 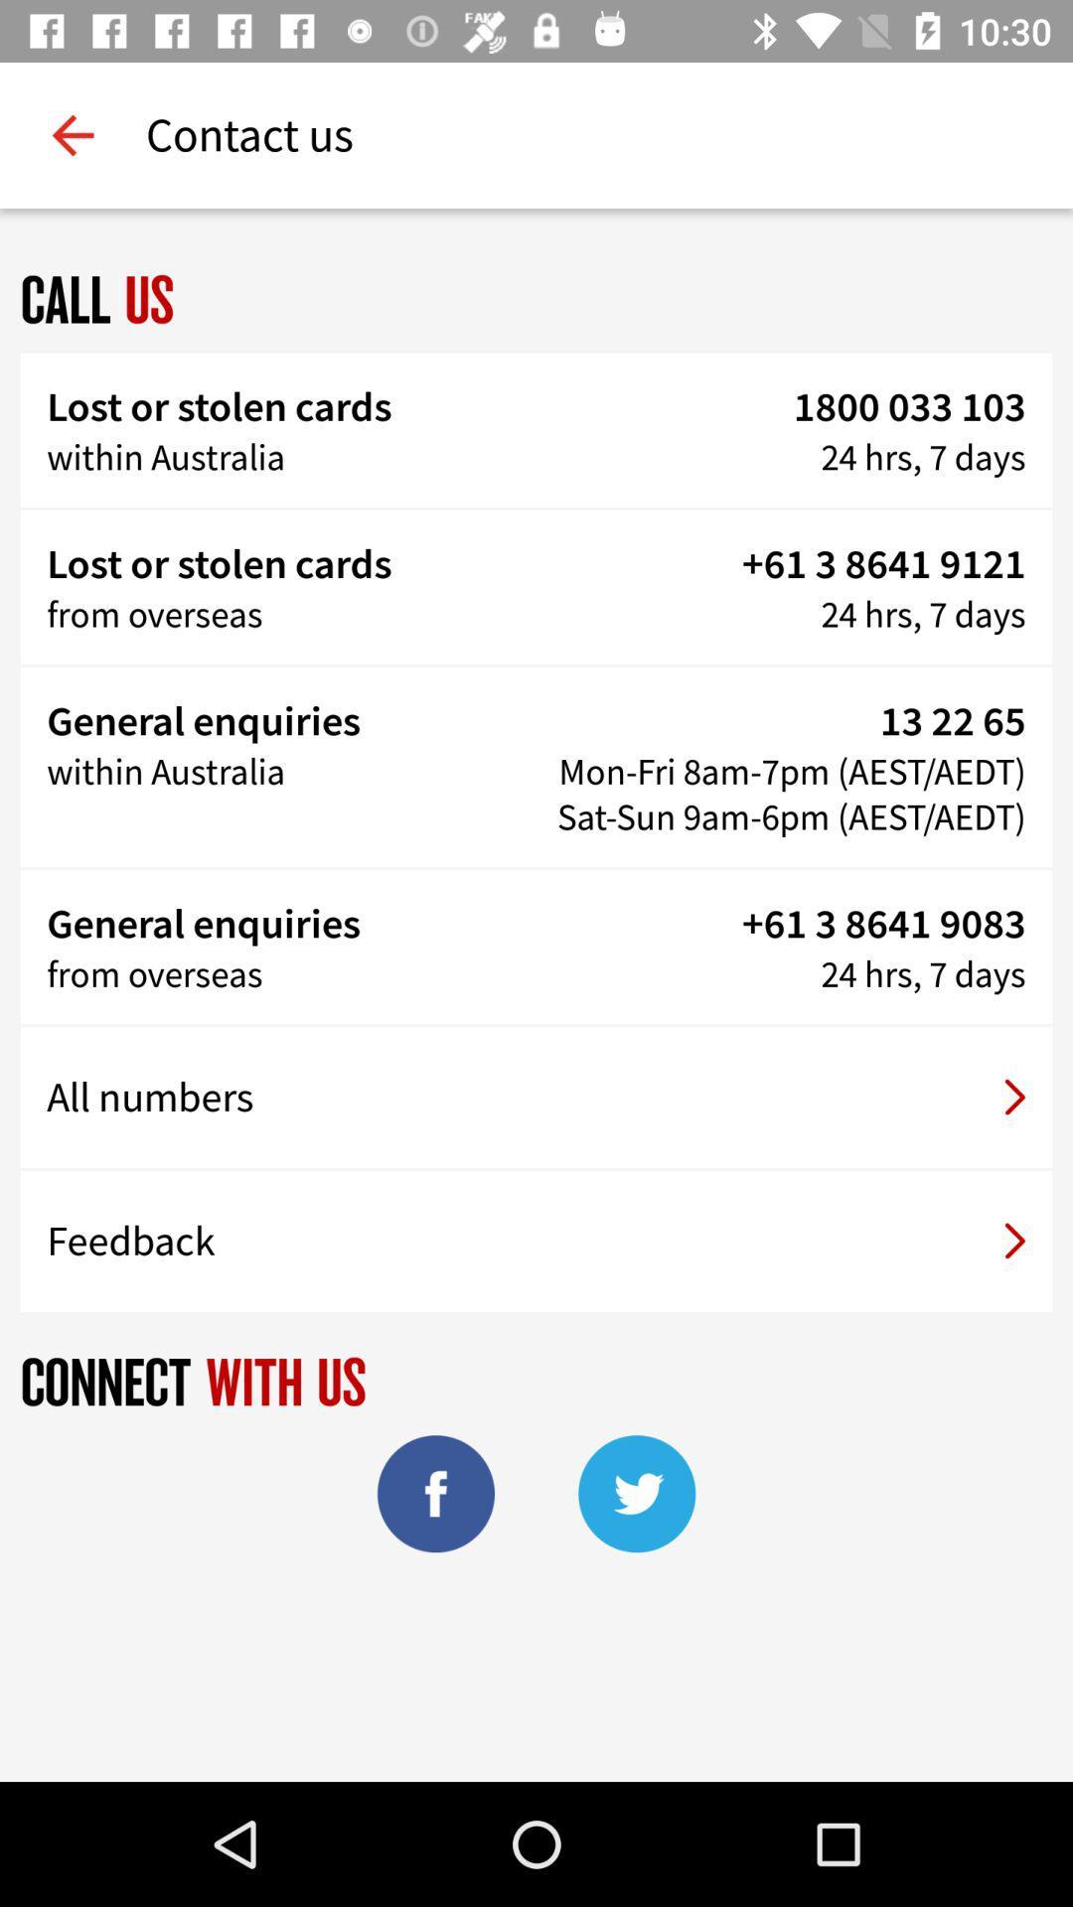 I want to click on the facebook icon, so click(x=434, y=1494).